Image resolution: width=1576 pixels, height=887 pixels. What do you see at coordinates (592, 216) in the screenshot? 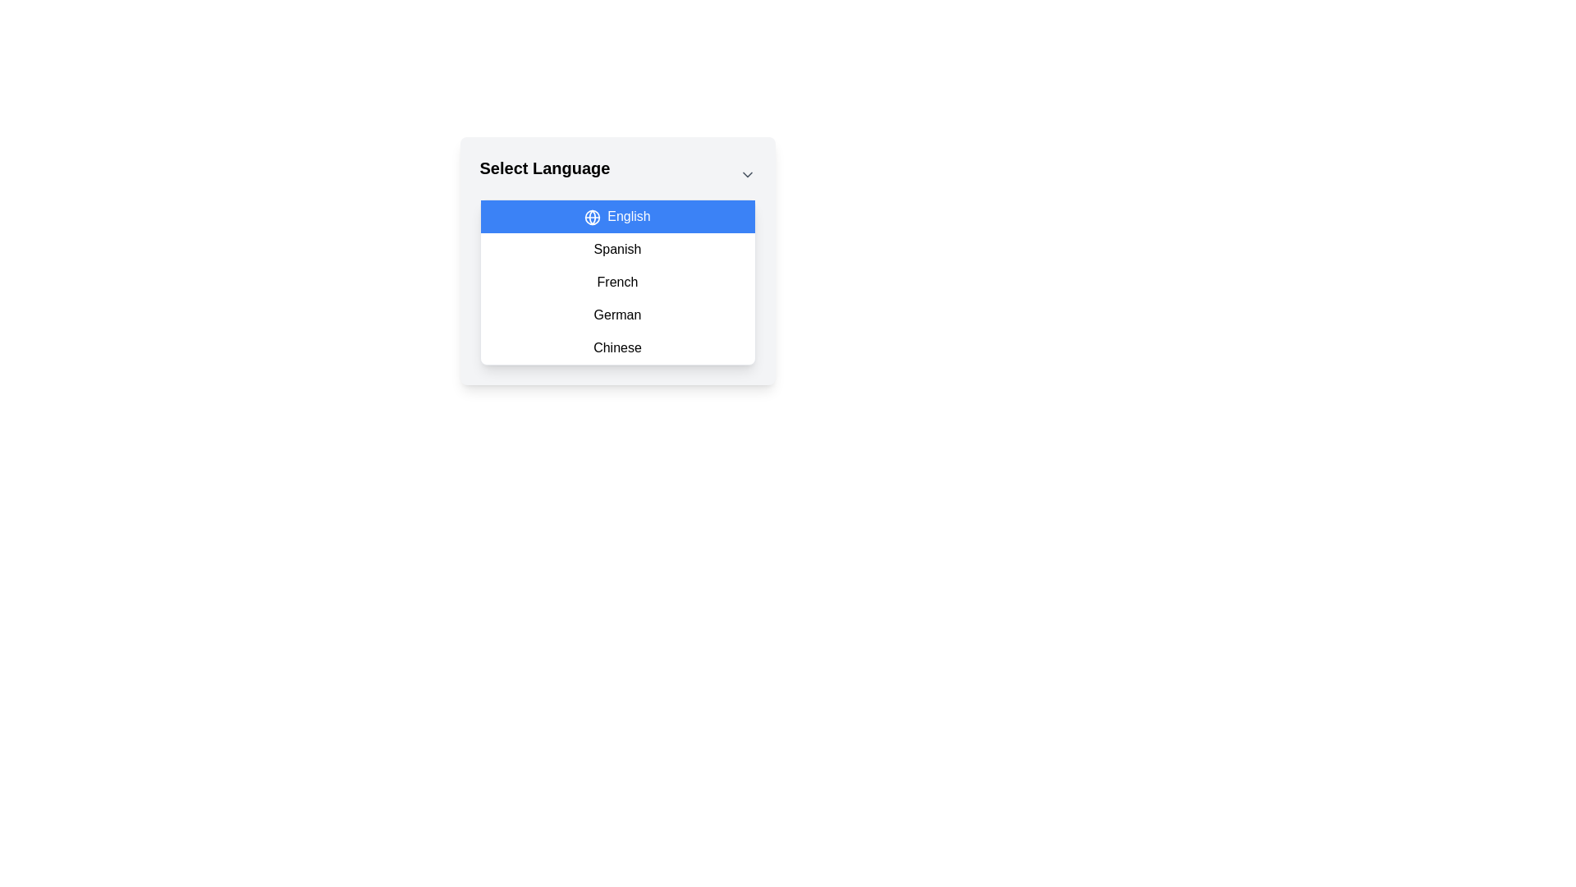
I see `the language selection icon located to the left of the 'English' text within the dropdown menu, which serves as a visual indicator for language selection` at bounding box center [592, 216].